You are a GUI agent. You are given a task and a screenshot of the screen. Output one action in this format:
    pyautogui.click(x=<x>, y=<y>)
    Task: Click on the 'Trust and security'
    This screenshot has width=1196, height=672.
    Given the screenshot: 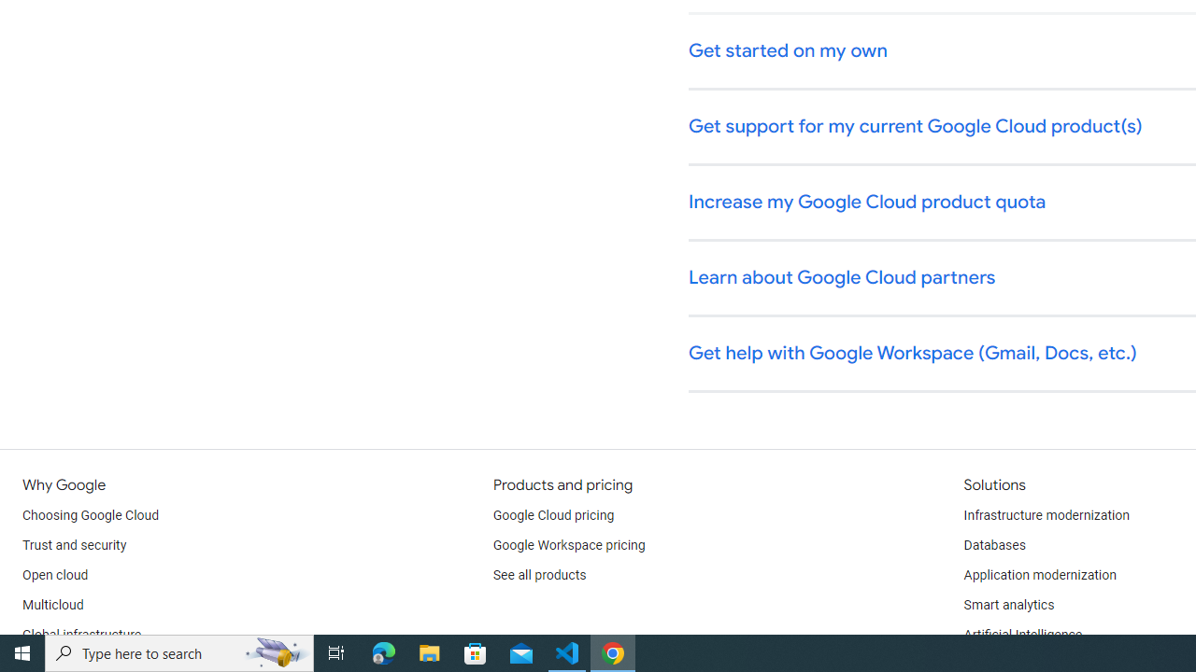 What is the action you would take?
    pyautogui.click(x=75, y=546)
    